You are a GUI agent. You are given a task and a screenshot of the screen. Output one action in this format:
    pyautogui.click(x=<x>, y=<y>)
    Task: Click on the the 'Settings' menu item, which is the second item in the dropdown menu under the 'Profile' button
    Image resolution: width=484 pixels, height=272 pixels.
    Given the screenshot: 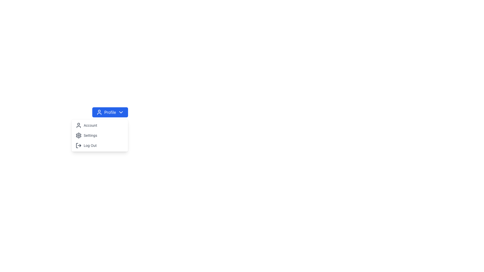 What is the action you would take?
    pyautogui.click(x=100, y=135)
    